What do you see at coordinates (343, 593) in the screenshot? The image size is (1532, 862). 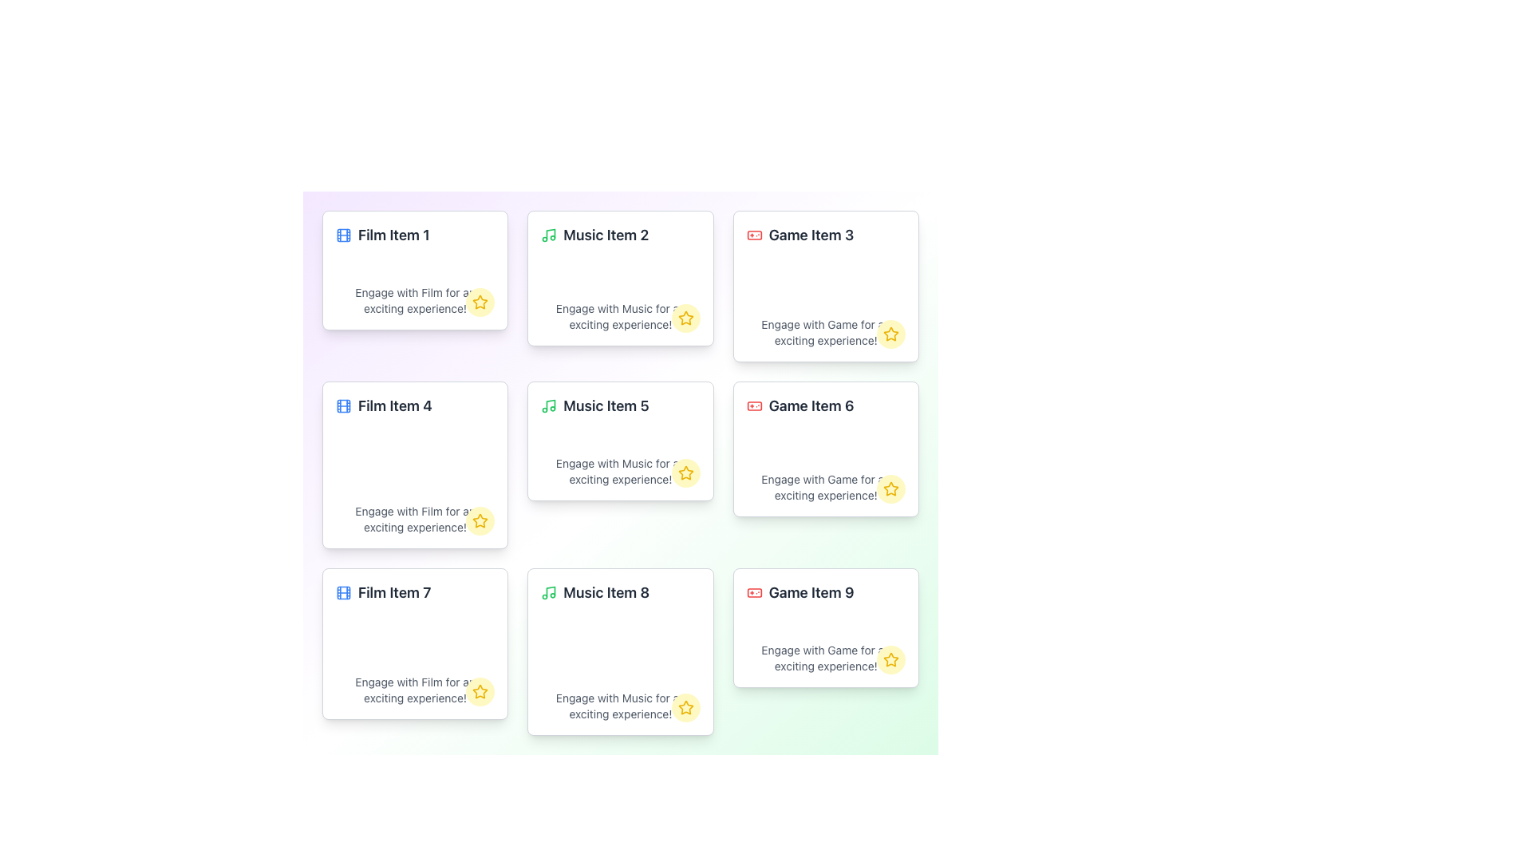 I see `the identifying icon of the 'Film Item 7' card, located at the top left corner to differentiate it from other categories` at bounding box center [343, 593].